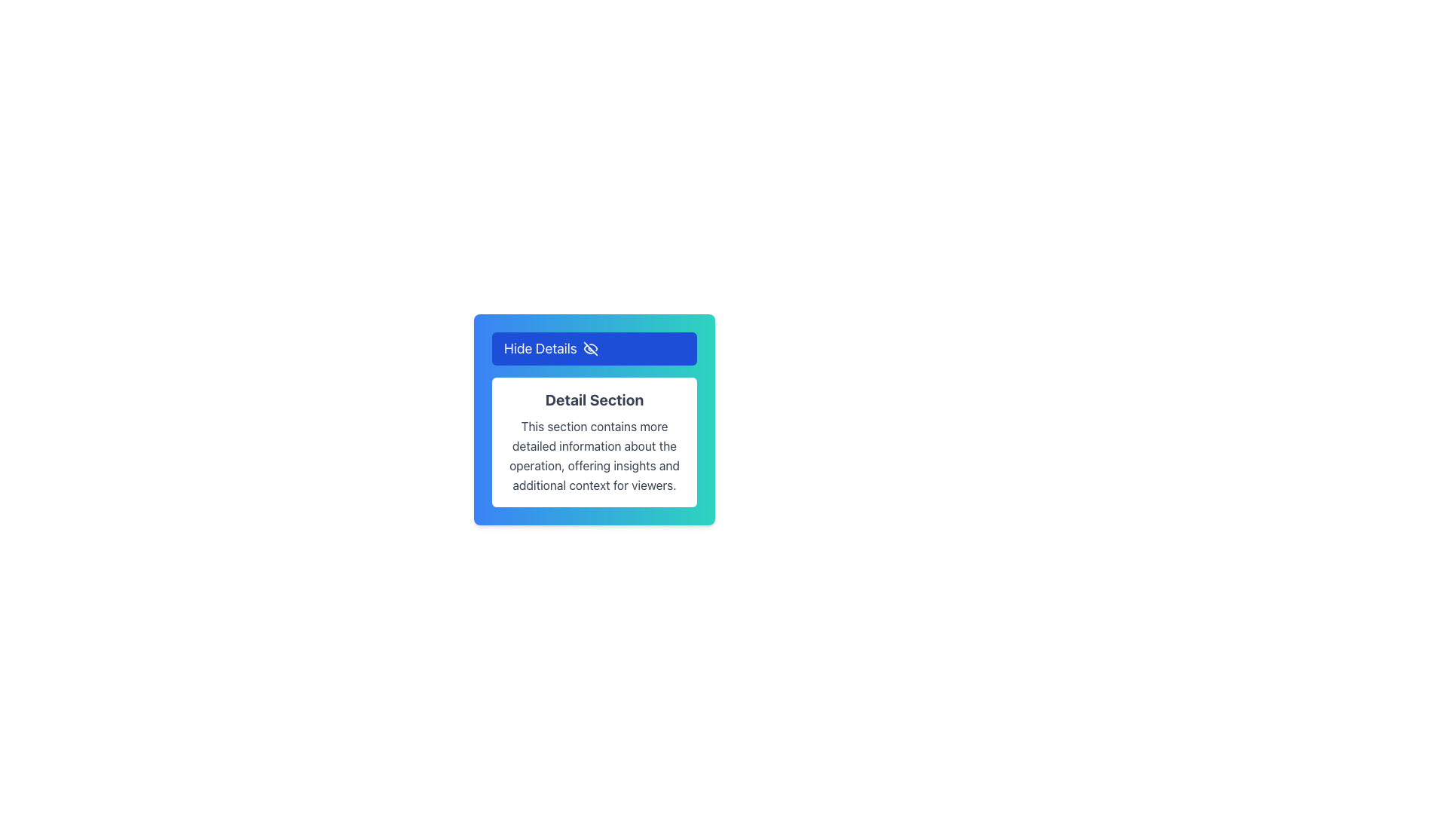 This screenshot has width=1447, height=814. Describe the element at coordinates (593, 348) in the screenshot. I see `the rectangular button with a blue background and white text reading 'Hide Details'` at that location.